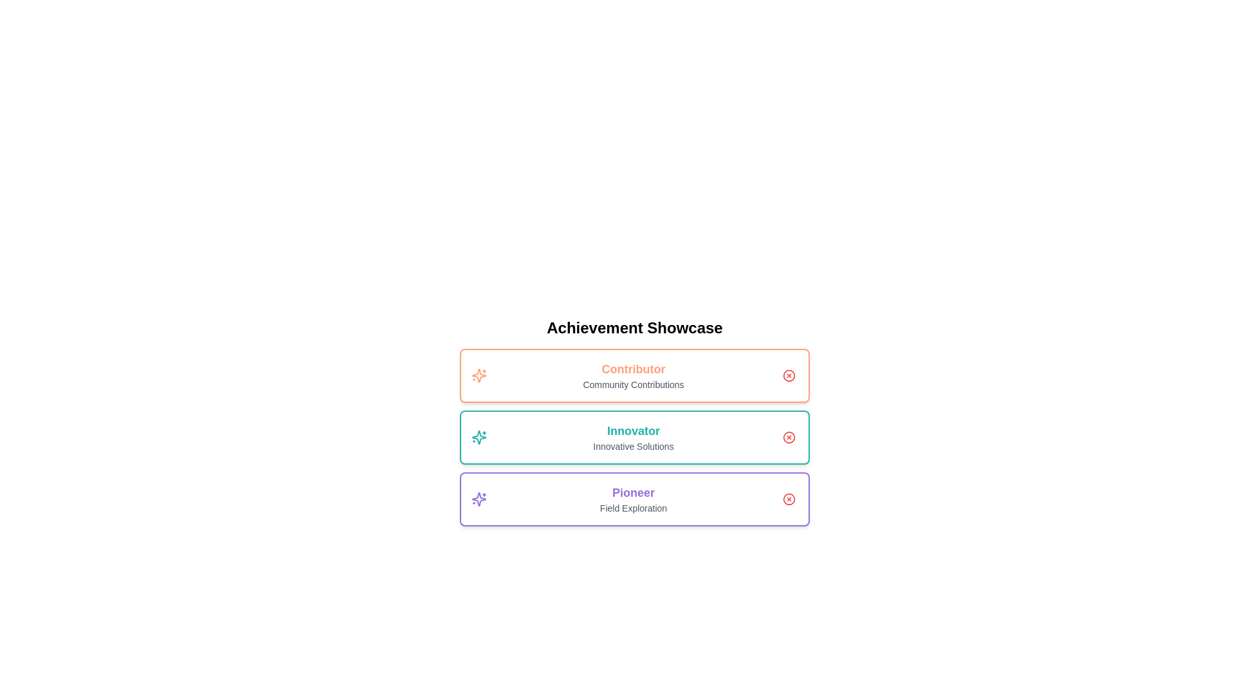 This screenshot has height=695, width=1235. I want to click on the achievement Innovator to observe hover behavior, so click(635, 436).